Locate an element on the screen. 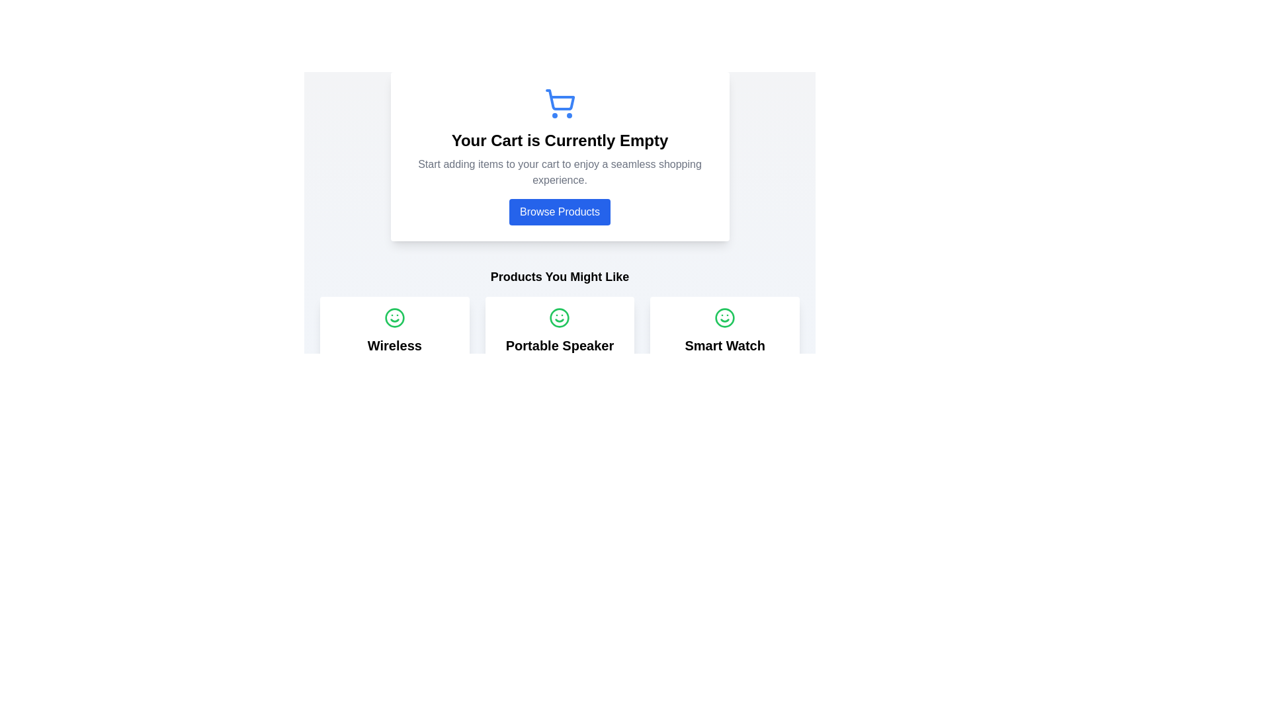 The height and width of the screenshot is (714, 1270). the first textual label in the product card layout, which is positioned below a green smiley icon and above the price '$49.99' is located at coordinates (394, 354).